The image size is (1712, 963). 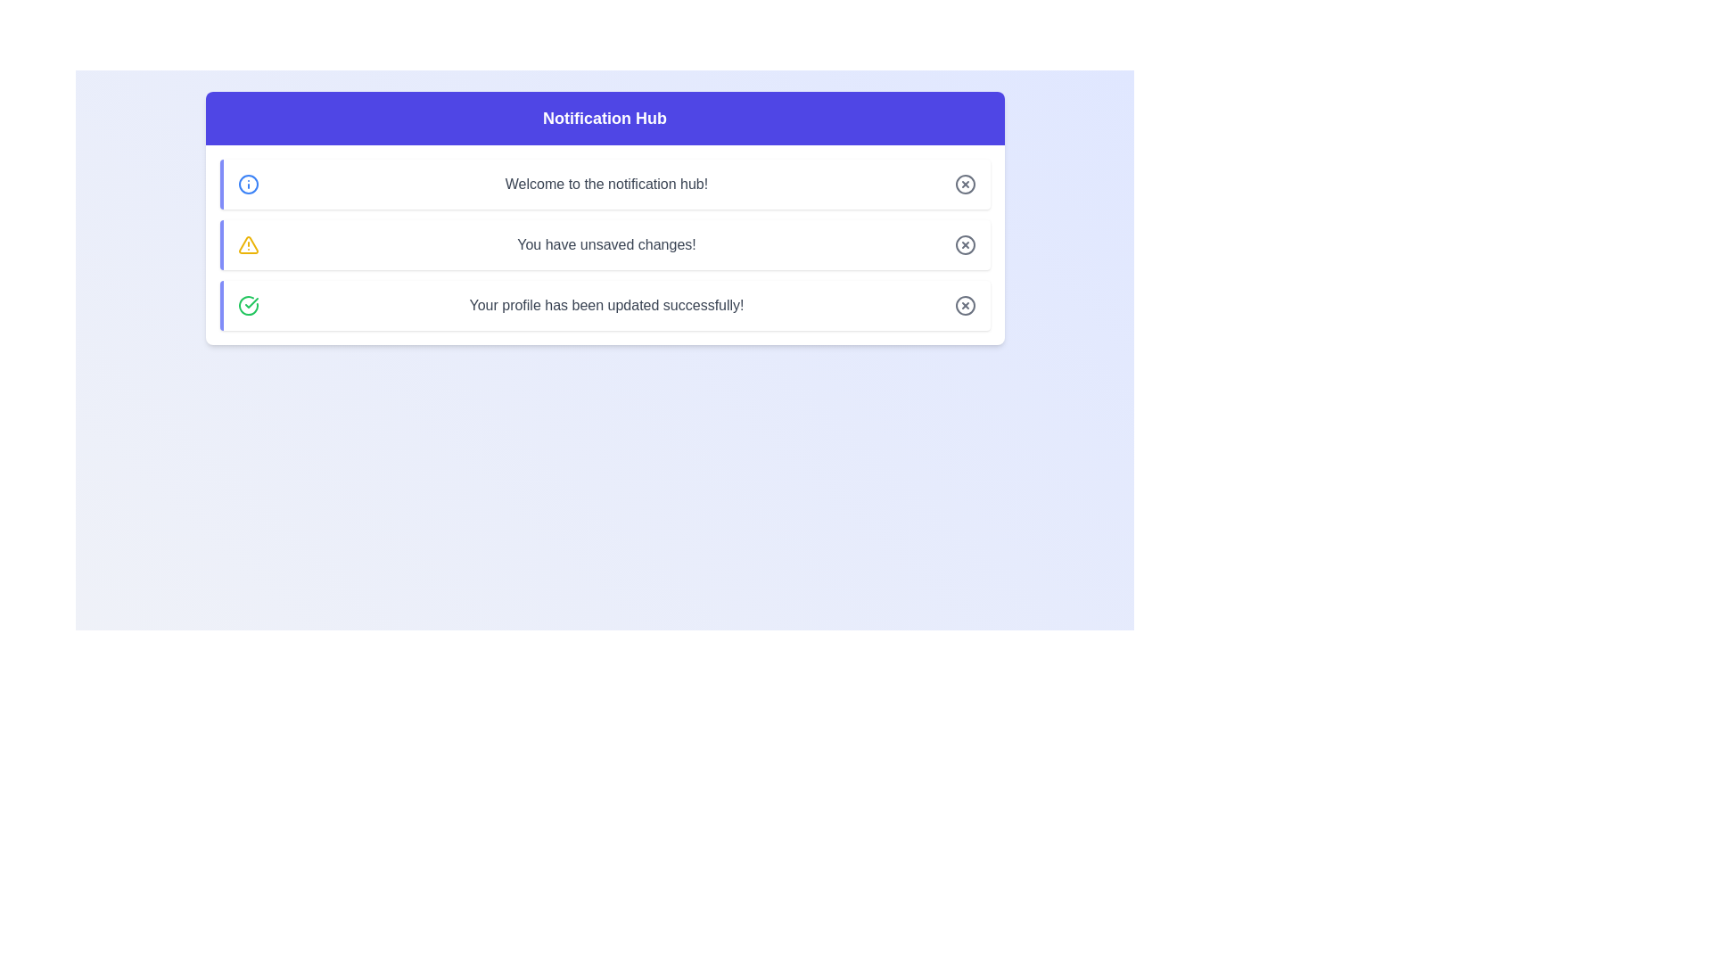 I want to click on the static text notification that says 'You have unsaved changes!' which is styled in gray and positioned centrally within the notification layout, so click(x=606, y=244).